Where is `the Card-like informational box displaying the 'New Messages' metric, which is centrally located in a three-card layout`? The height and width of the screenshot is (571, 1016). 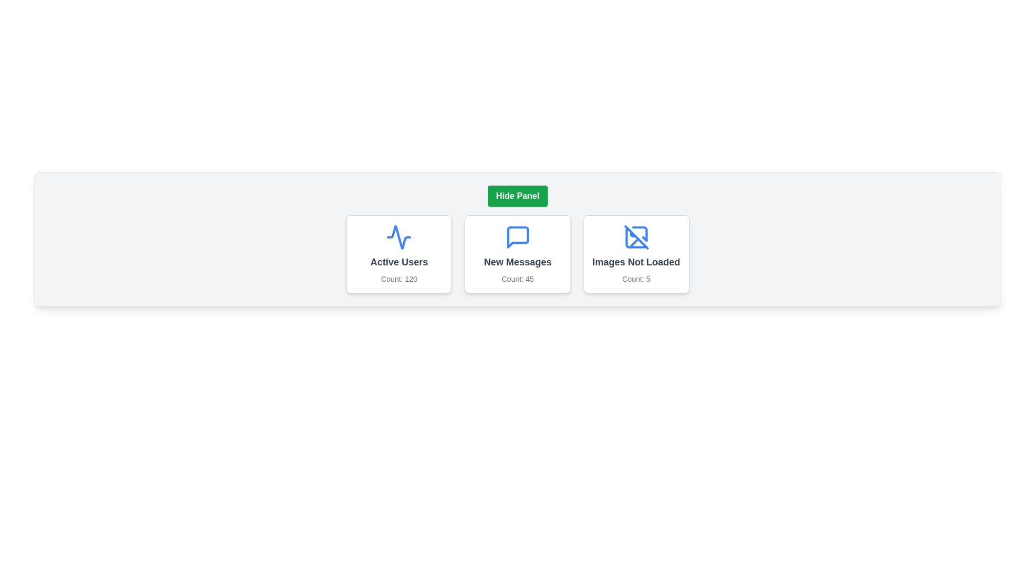 the Card-like informational box displaying the 'New Messages' metric, which is centrally located in a three-card layout is located at coordinates (518, 254).